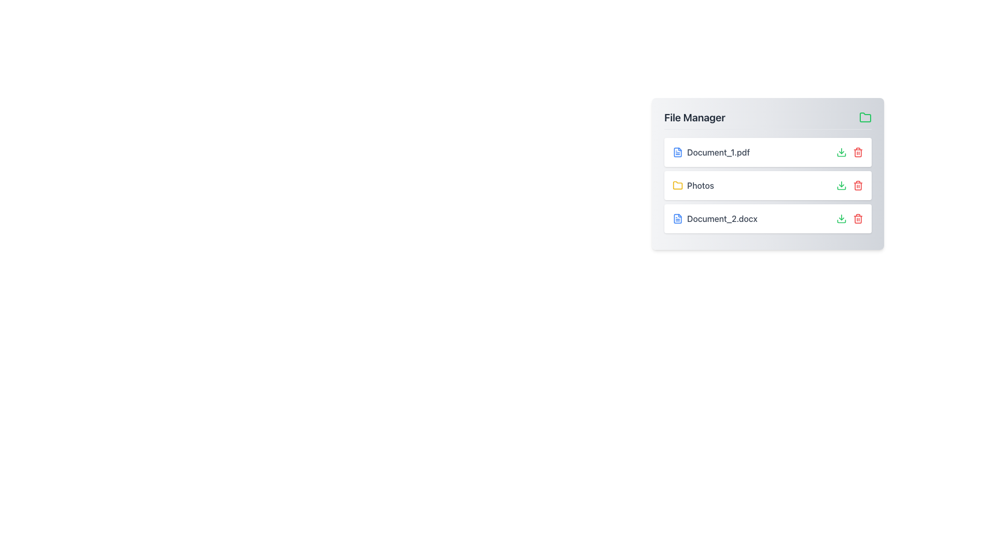 This screenshot has width=995, height=560. I want to click on the red trash can icon, so click(850, 218).